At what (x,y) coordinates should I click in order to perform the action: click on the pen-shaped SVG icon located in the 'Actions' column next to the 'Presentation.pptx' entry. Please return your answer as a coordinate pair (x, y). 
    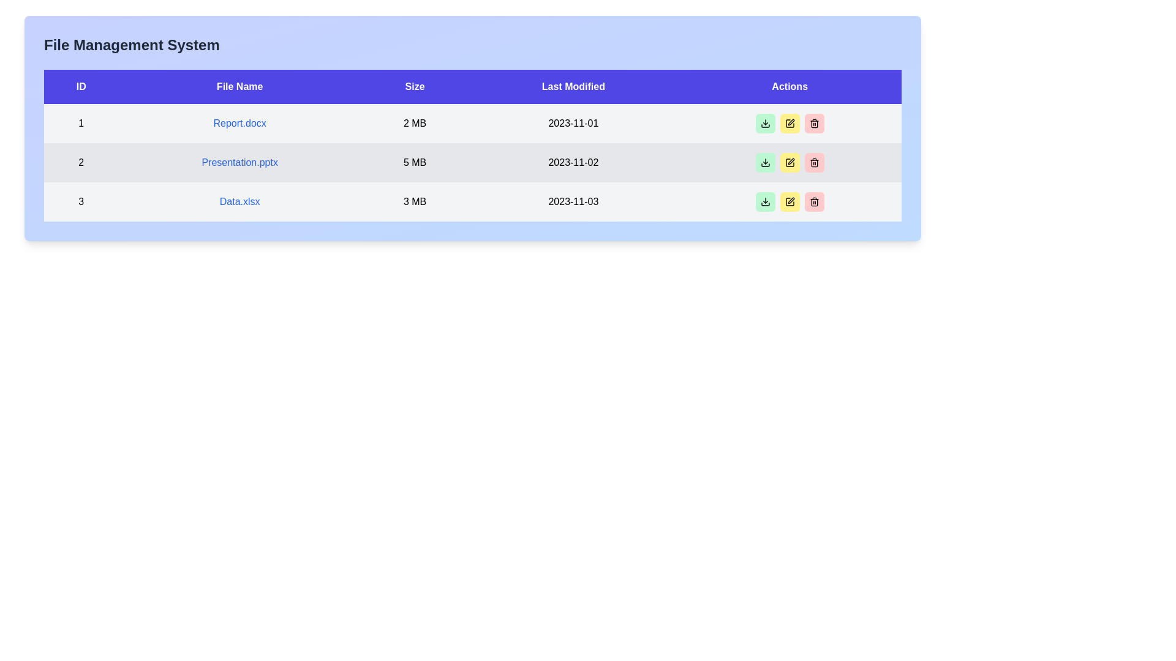
    Looking at the image, I should click on (791, 122).